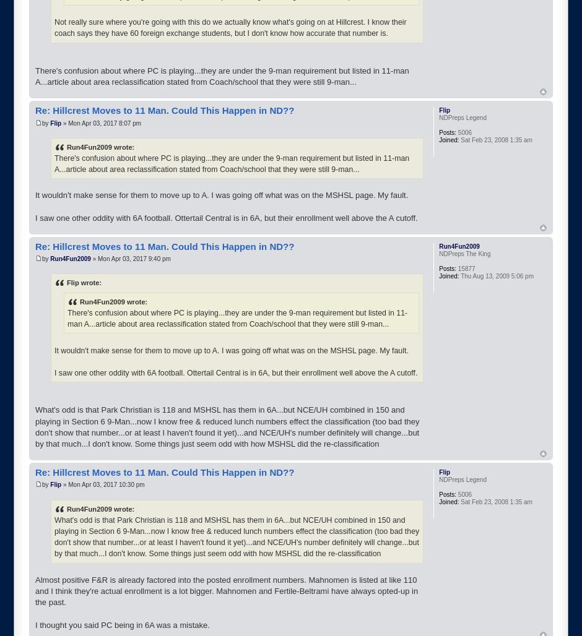 The height and width of the screenshot is (636, 582). I want to click on 'Thu Aug 13, 2009 5:06 pm', so click(496, 275).